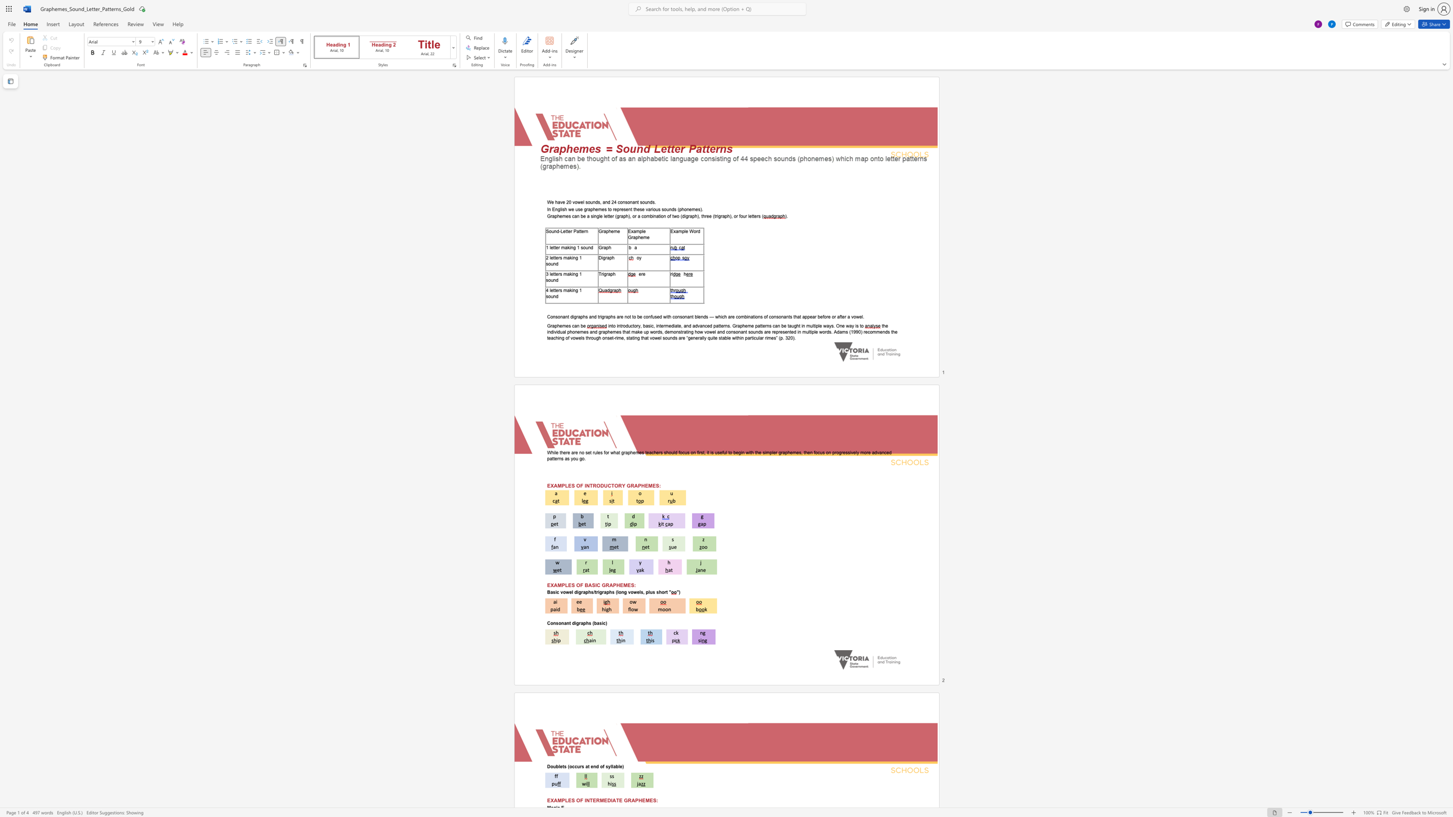  I want to click on the subset text "aking" within the text "2 letters making 1 sound", so click(567, 257).